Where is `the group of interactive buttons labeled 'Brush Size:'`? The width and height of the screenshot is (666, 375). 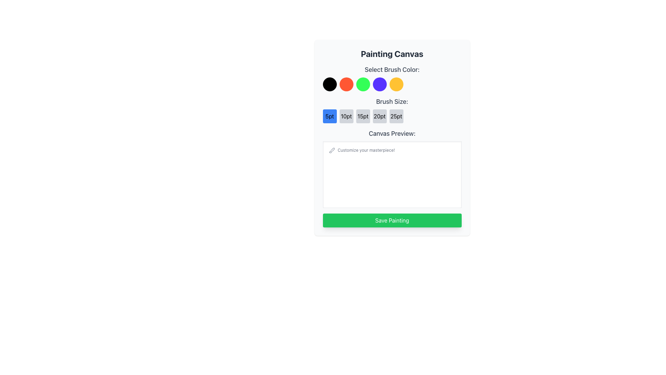
the group of interactive buttons labeled 'Brush Size:' is located at coordinates (392, 109).